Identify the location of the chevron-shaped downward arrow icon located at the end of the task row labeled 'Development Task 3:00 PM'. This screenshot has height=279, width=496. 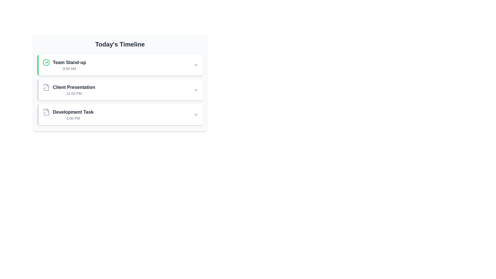
(196, 114).